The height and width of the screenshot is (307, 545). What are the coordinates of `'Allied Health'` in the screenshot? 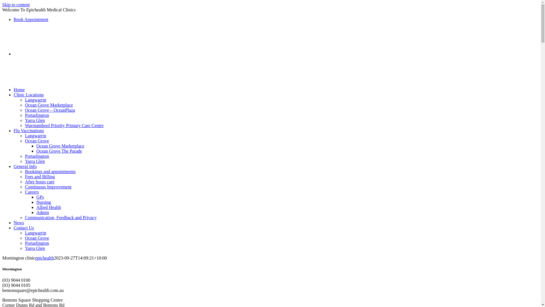 It's located at (49, 207).